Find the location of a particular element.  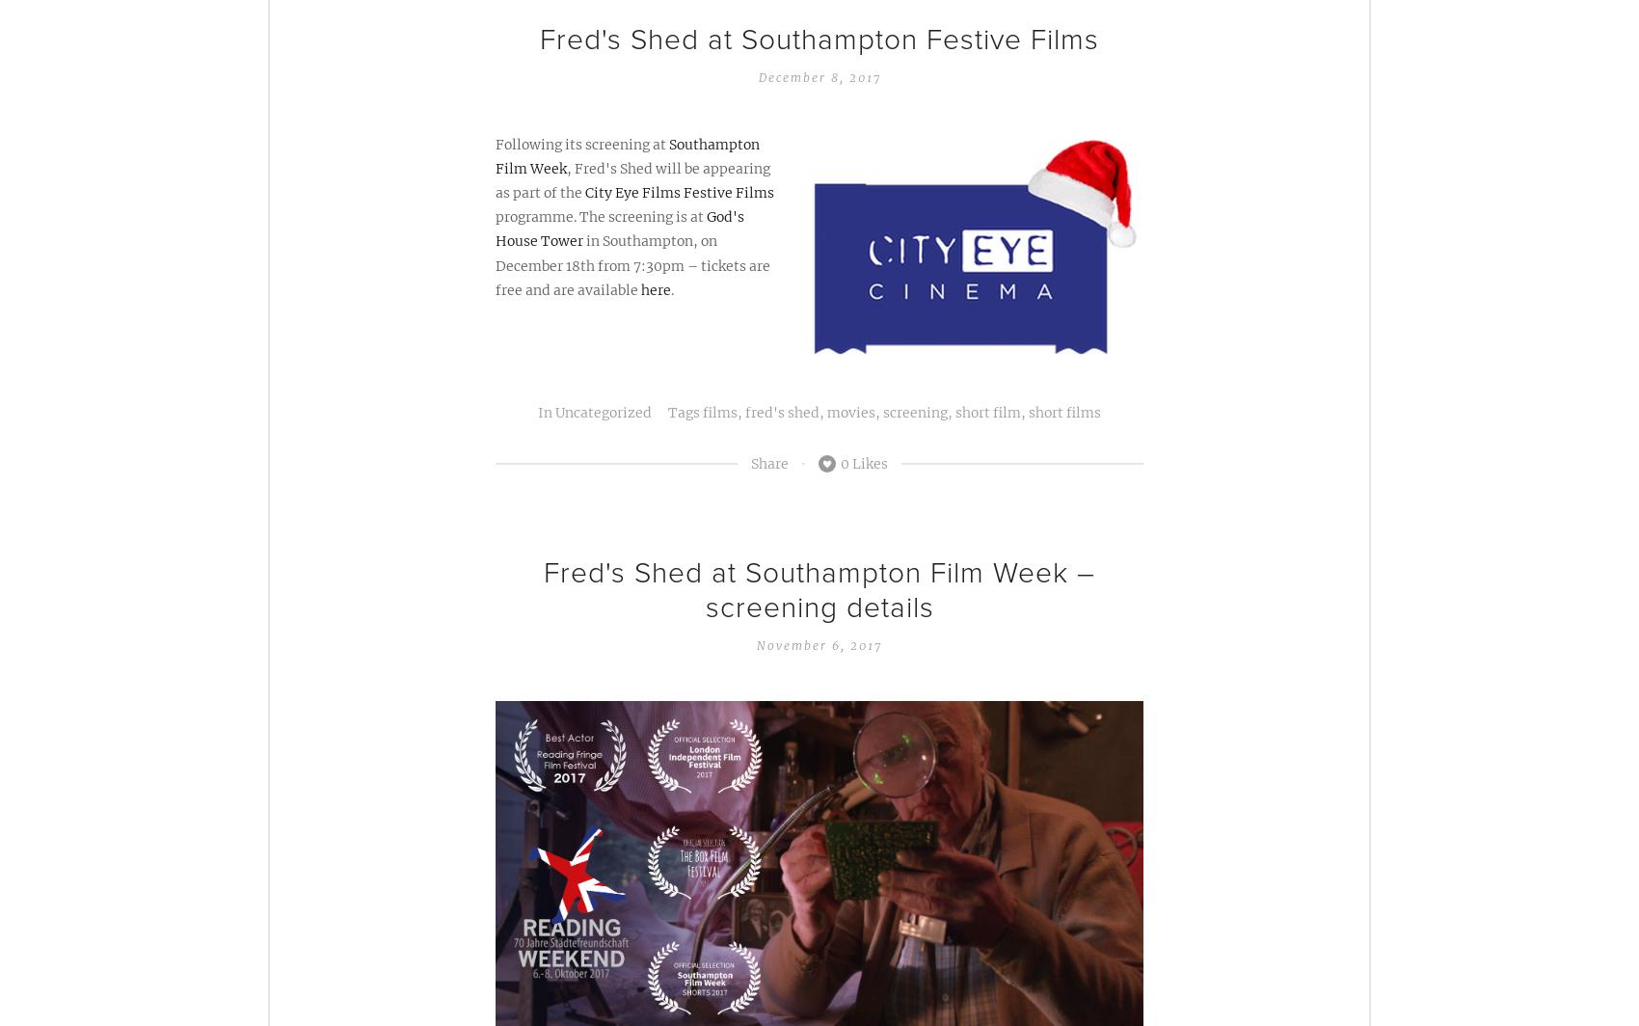

'City Eye Films Festive Films' is located at coordinates (679, 193).